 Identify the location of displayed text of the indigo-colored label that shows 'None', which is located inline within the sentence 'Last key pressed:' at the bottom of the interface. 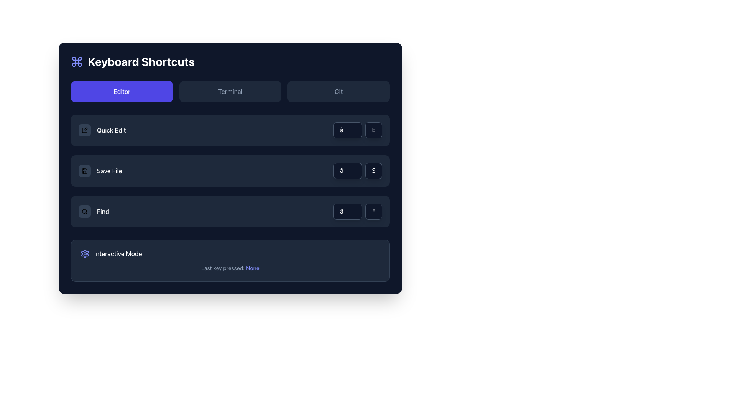
(253, 268).